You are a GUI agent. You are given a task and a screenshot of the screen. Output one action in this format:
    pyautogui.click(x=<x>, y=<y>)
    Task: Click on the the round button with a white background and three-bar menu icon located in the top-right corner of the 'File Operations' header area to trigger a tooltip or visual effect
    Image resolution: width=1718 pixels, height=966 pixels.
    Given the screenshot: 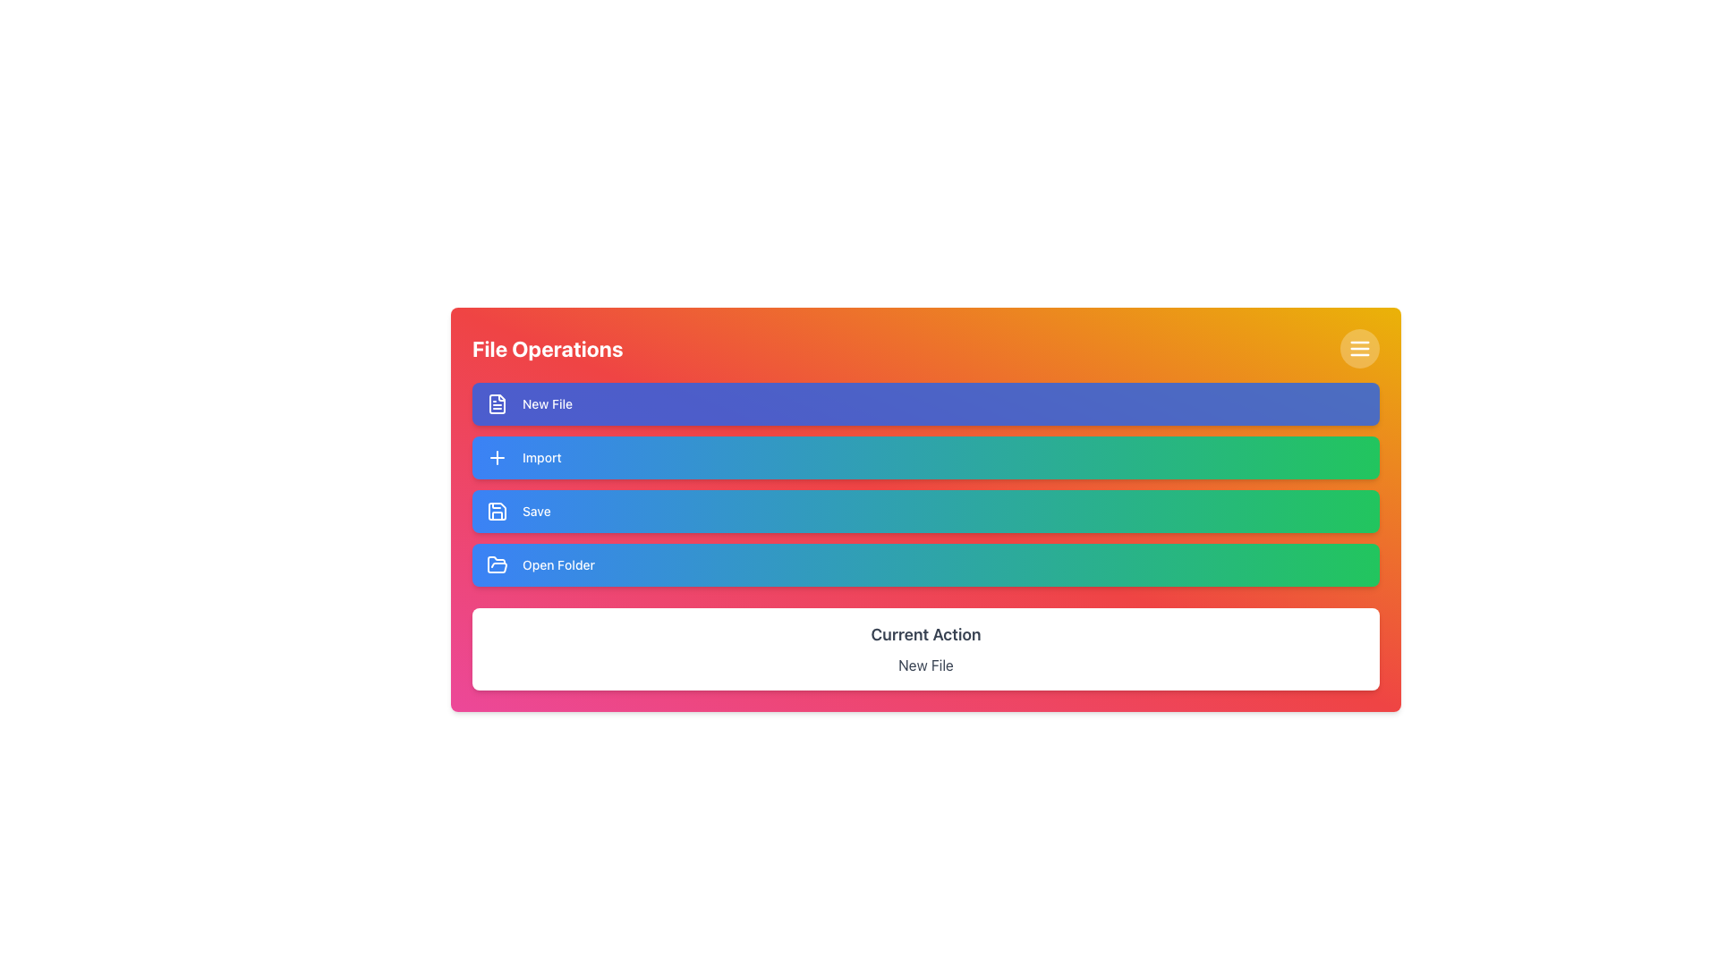 What is the action you would take?
    pyautogui.click(x=1360, y=348)
    